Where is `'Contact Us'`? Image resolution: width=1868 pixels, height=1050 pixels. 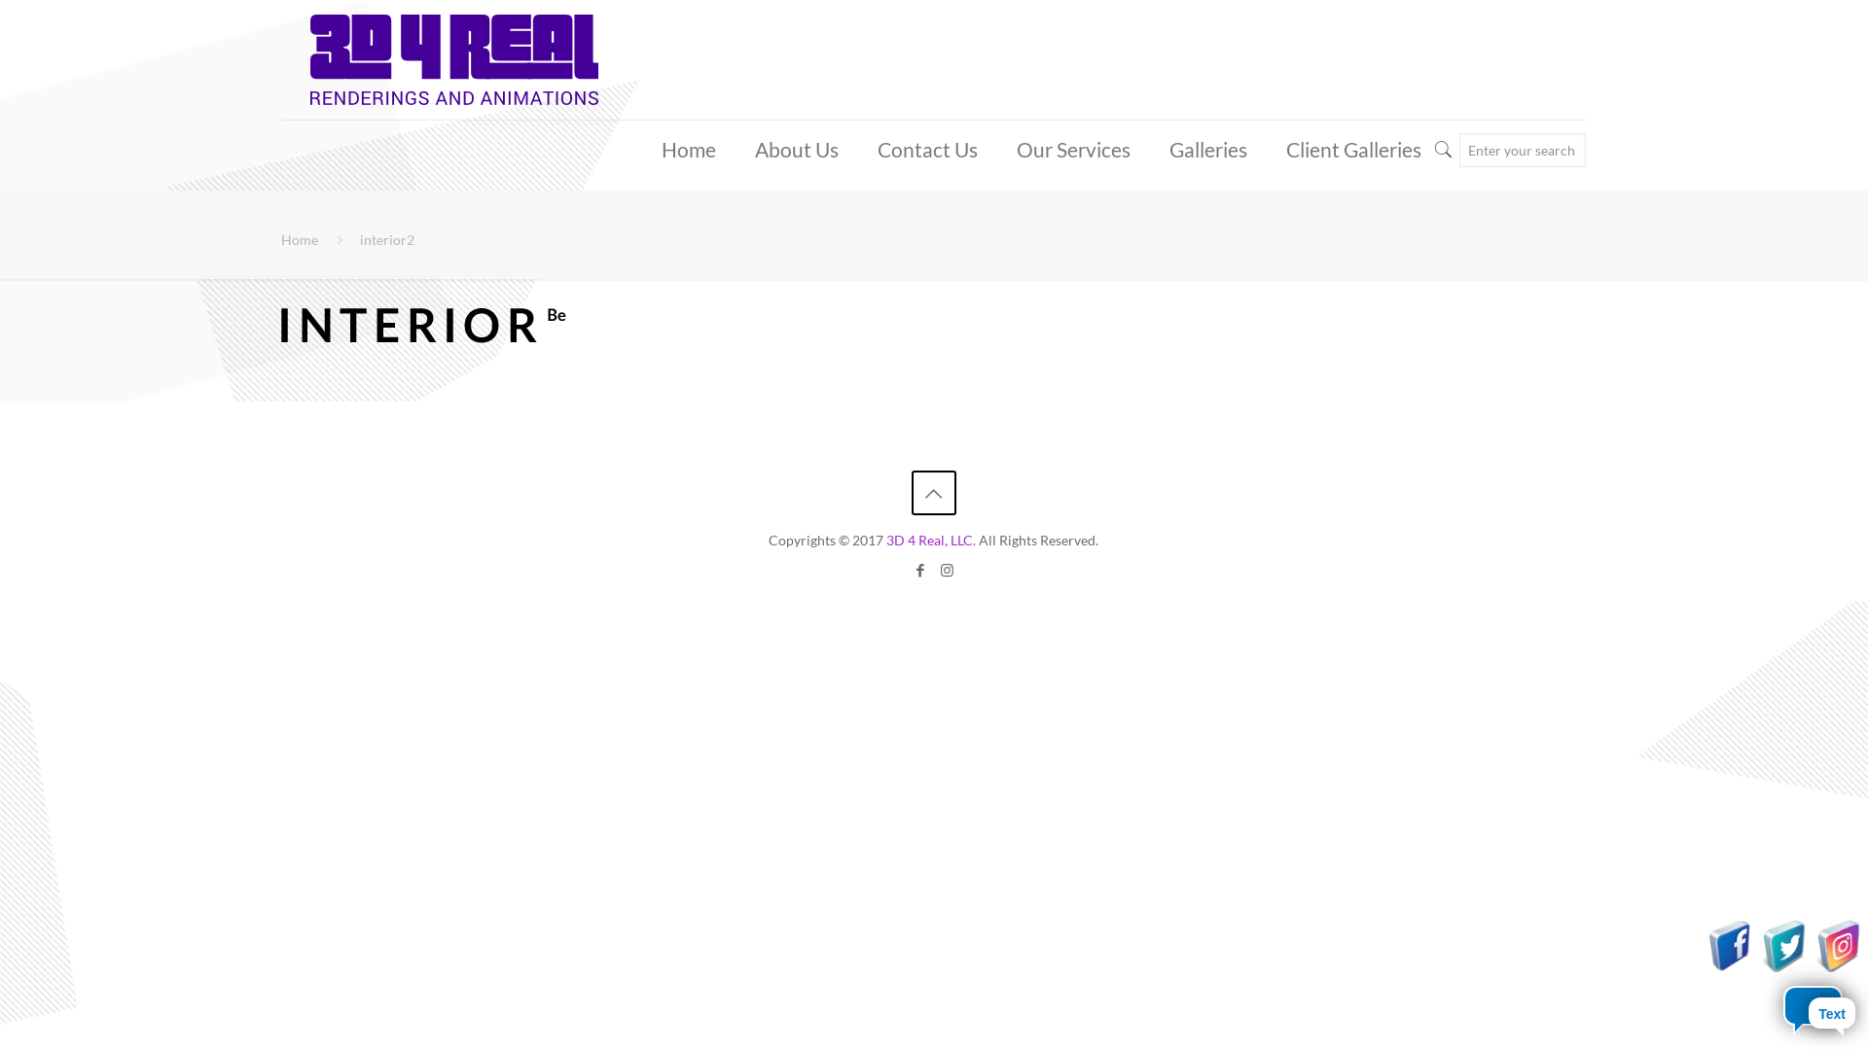 'Contact Us' is located at coordinates (857, 149).